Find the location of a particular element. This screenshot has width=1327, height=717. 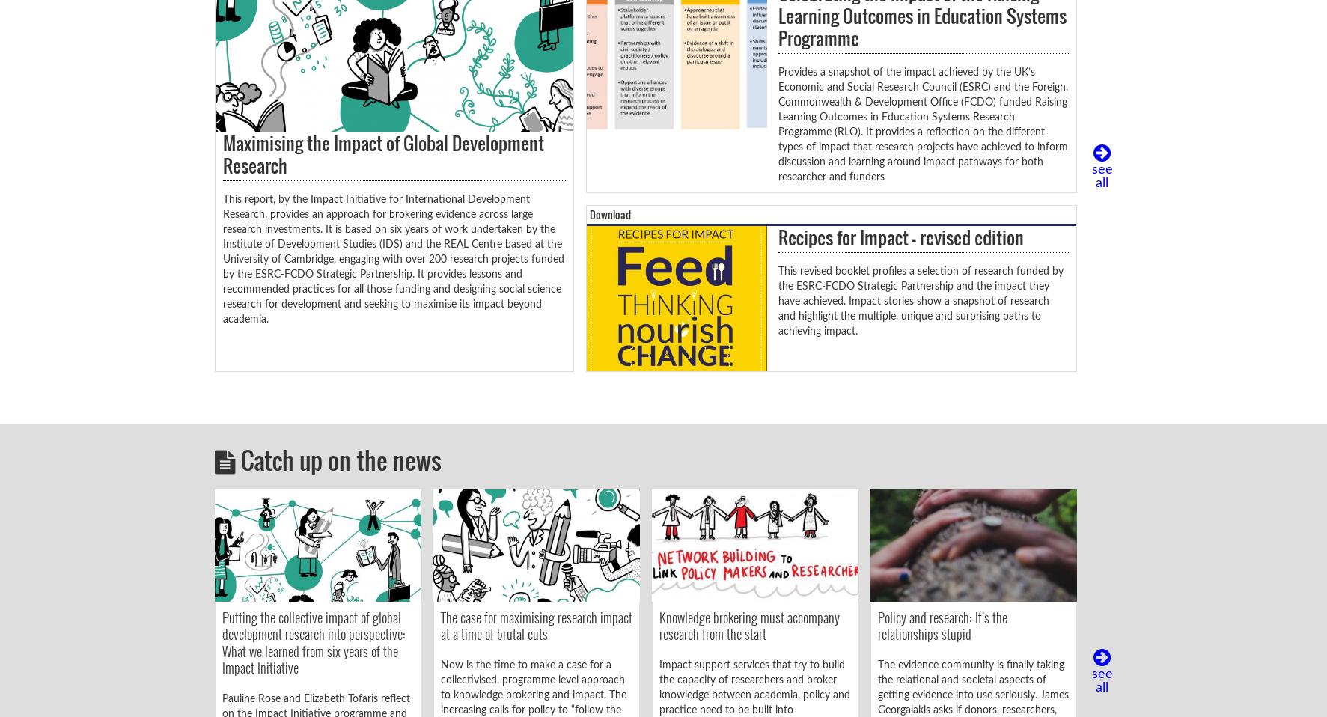

'This revised booklet profiles a selection of research funded by the ESRC-FCDO Strategic Partnership and the impact they have achieved. Impact stories show a snapshot of research and highlight the multiple, unique and surprising paths to achieving impact.' is located at coordinates (920, 302).